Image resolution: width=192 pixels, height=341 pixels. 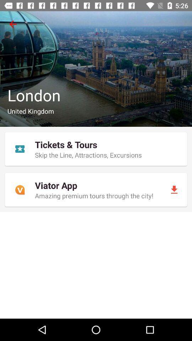 What do you see at coordinates (174, 189) in the screenshot?
I see `the download icon` at bounding box center [174, 189].